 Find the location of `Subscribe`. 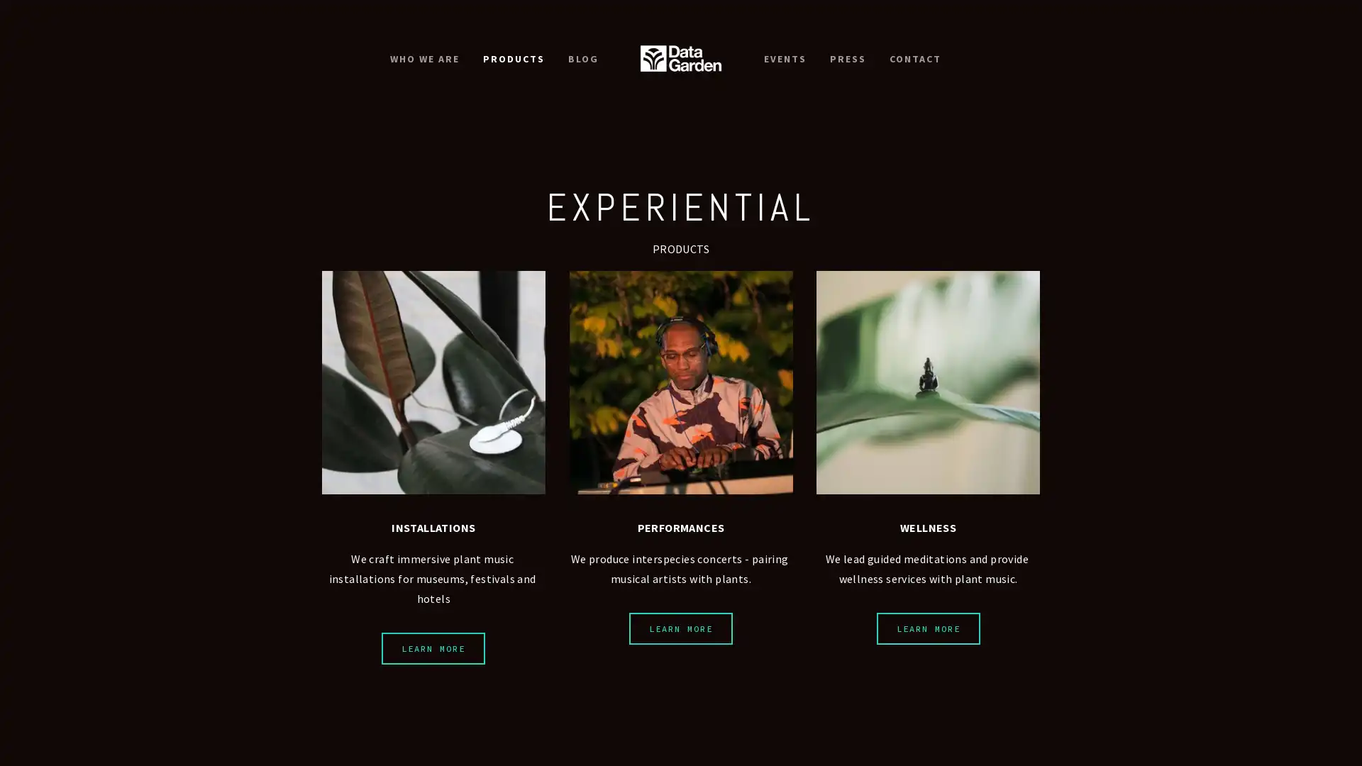

Subscribe is located at coordinates (766, 437).